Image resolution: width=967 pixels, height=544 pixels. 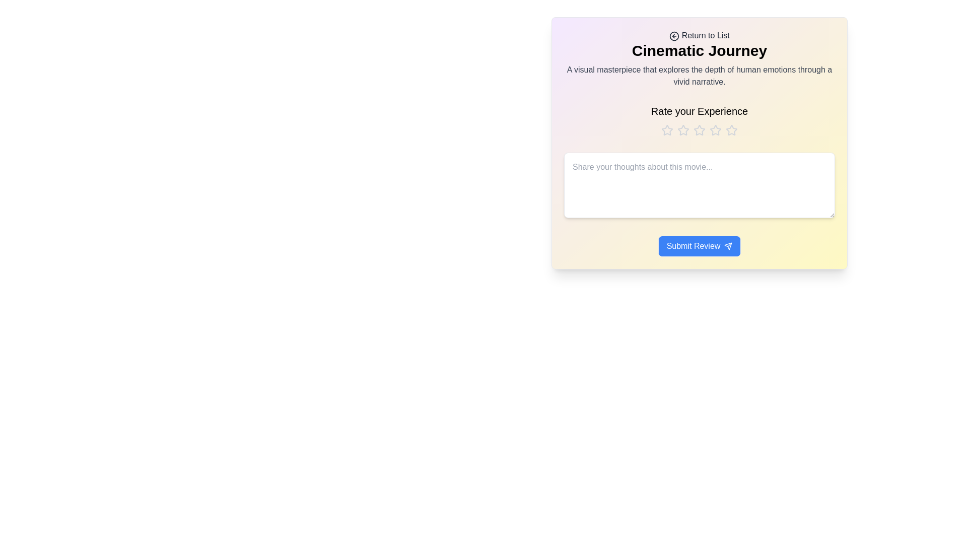 What do you see at coordinates (732, 129) in the screenshot?
I see `the fifth interactive rating star to rate the experience, which is positioned above the comment input box and below the 'Rate your Experience' label` at bounding box center [732, 129].